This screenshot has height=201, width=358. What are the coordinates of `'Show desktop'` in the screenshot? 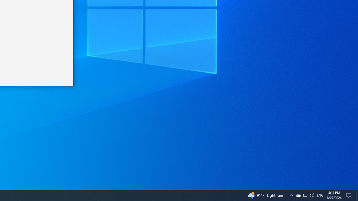 It's located at (357, 195).